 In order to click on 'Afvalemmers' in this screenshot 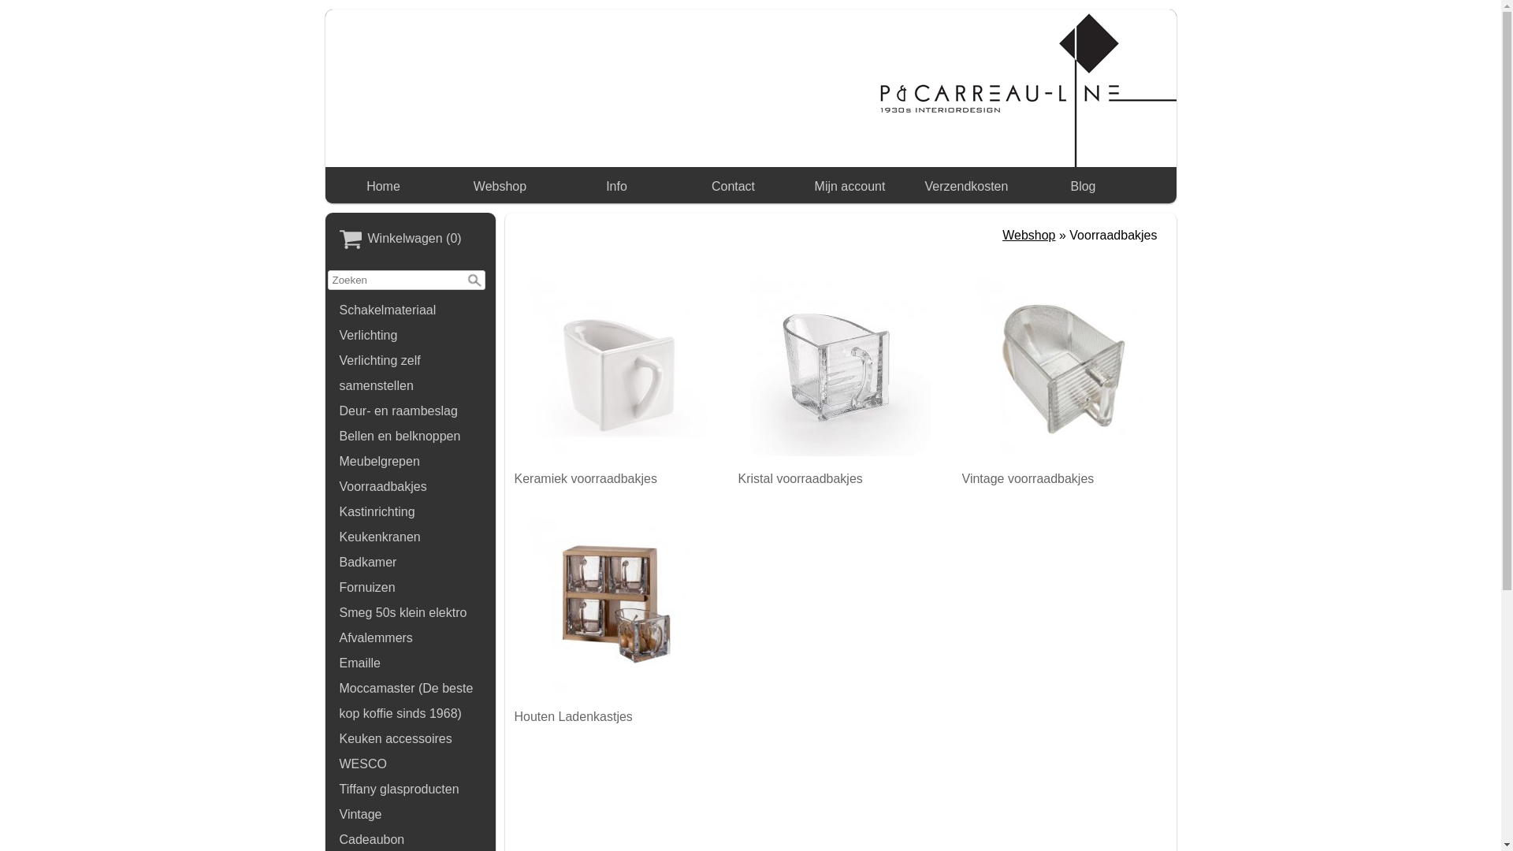, I will do `click(411, 638)`.